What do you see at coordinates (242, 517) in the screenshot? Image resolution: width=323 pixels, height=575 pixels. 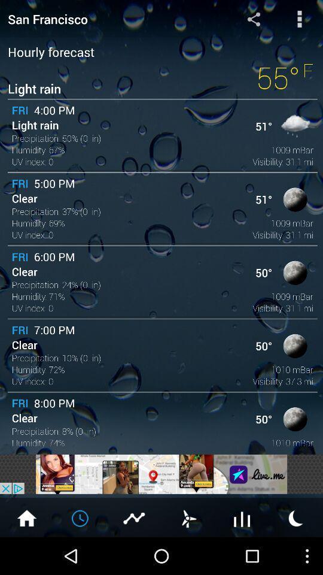 I see `open 10-day forecast` at bounding box center [242, 517].